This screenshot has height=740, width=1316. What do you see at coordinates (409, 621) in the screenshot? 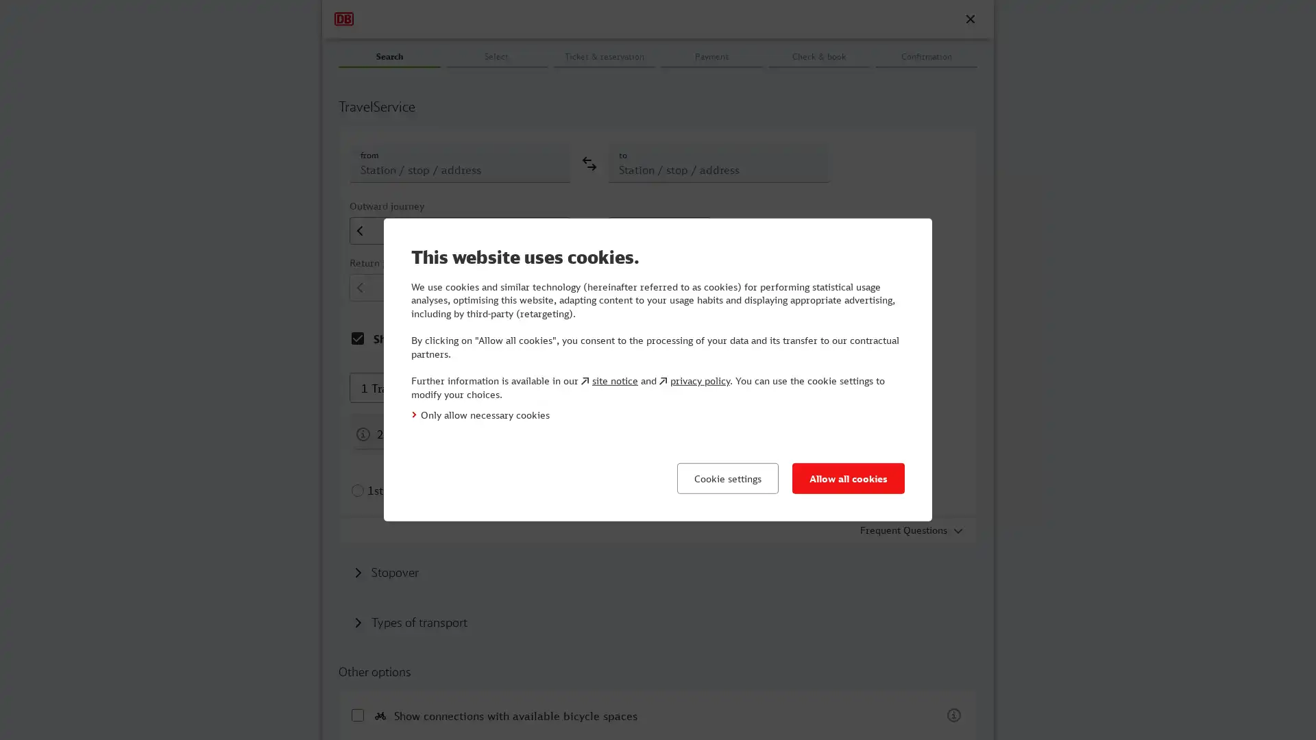
I see `Types of transport` at bounding box center [409, 621].